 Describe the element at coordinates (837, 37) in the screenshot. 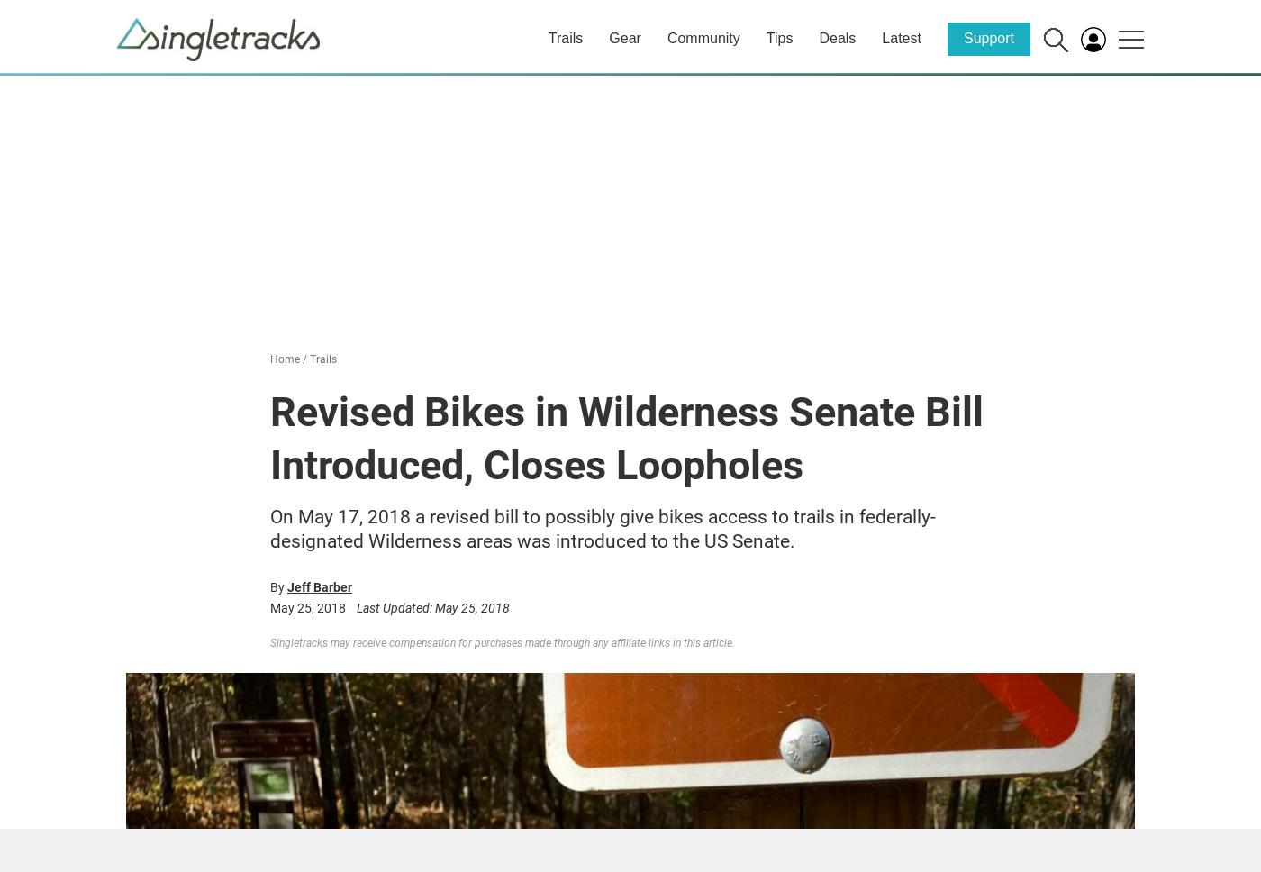

I see `'Deals'` at that location.